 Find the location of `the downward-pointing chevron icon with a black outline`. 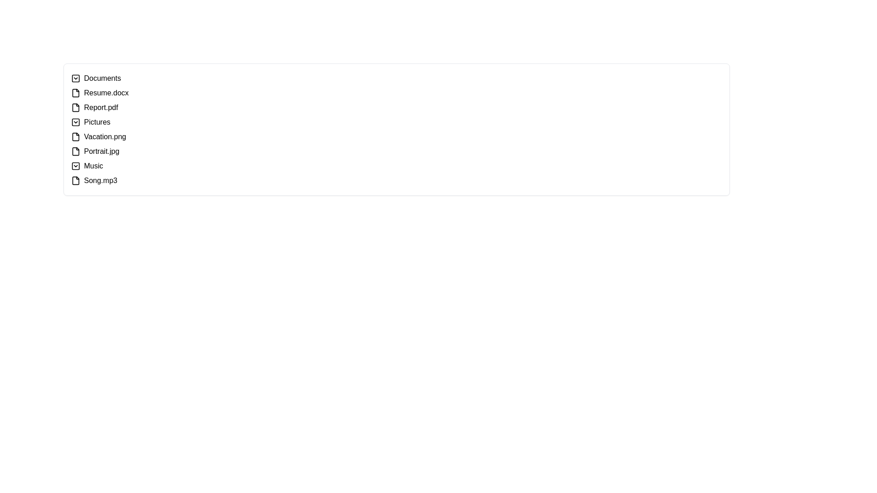

the downward-pointing chevron icon with a black outline is located at coordinates (76, 78).